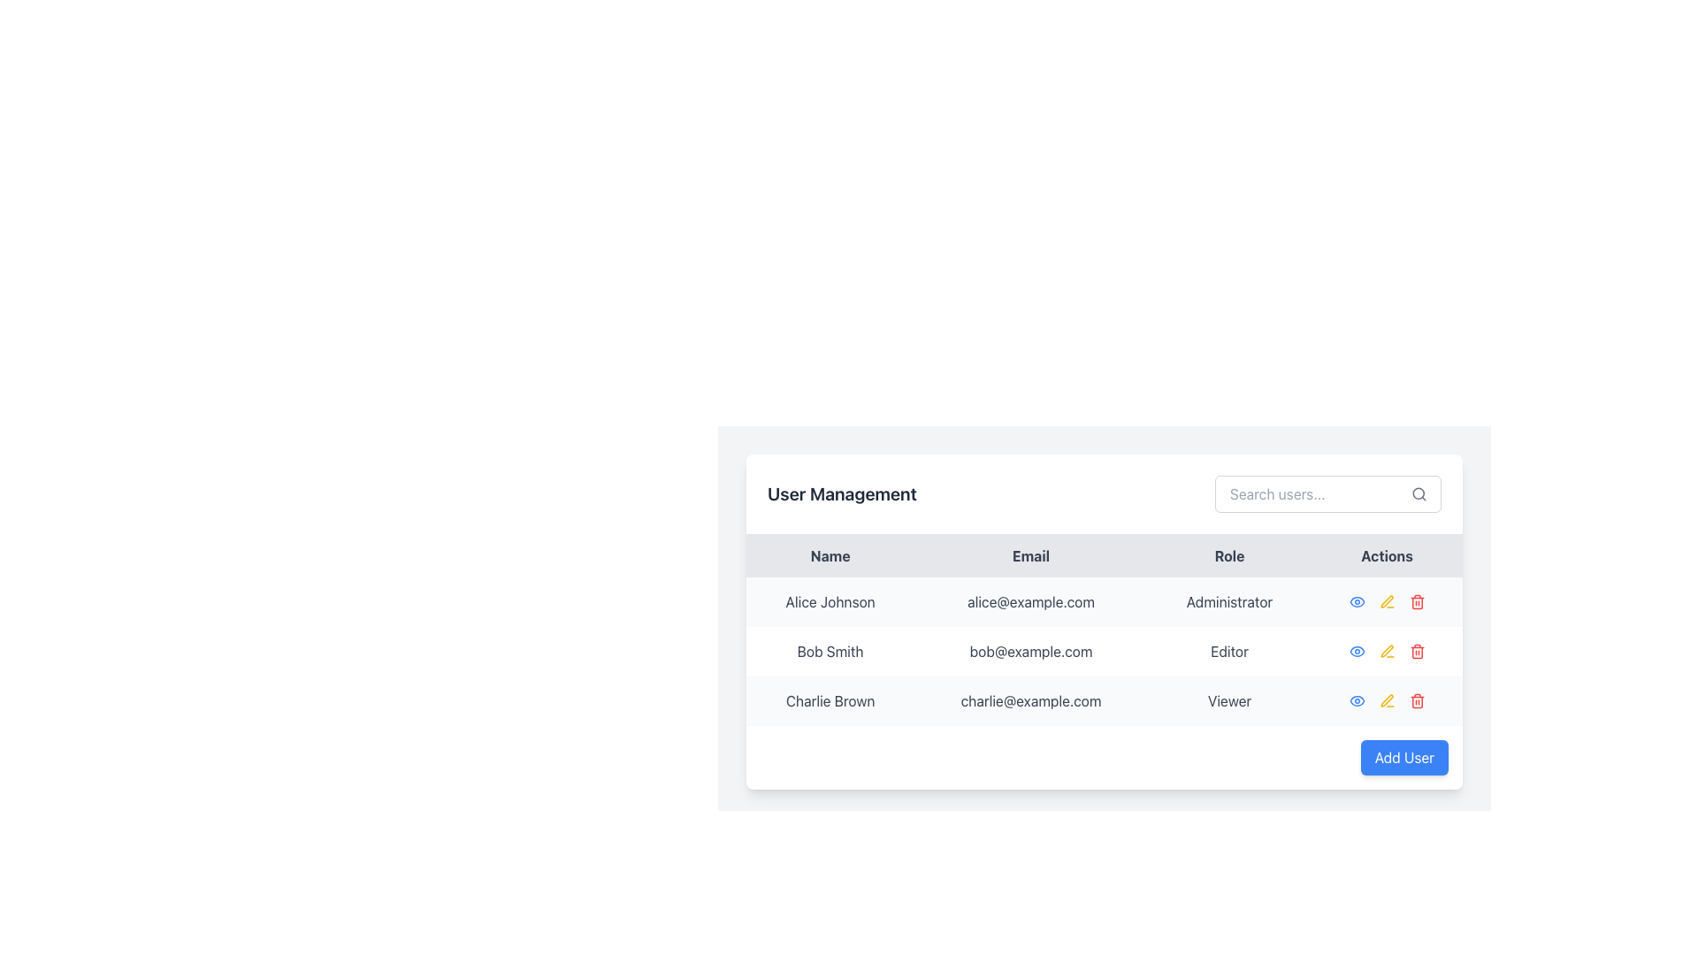 Image resolution: width=1698 pixels, height=955 pixels. What do you see at coordinates (1031, 700) in the screenshot?
I see `the email display element showing 'charlie@example.com' in the User Management table, located in the second column of the third row` at bounding box center [1031, 700].